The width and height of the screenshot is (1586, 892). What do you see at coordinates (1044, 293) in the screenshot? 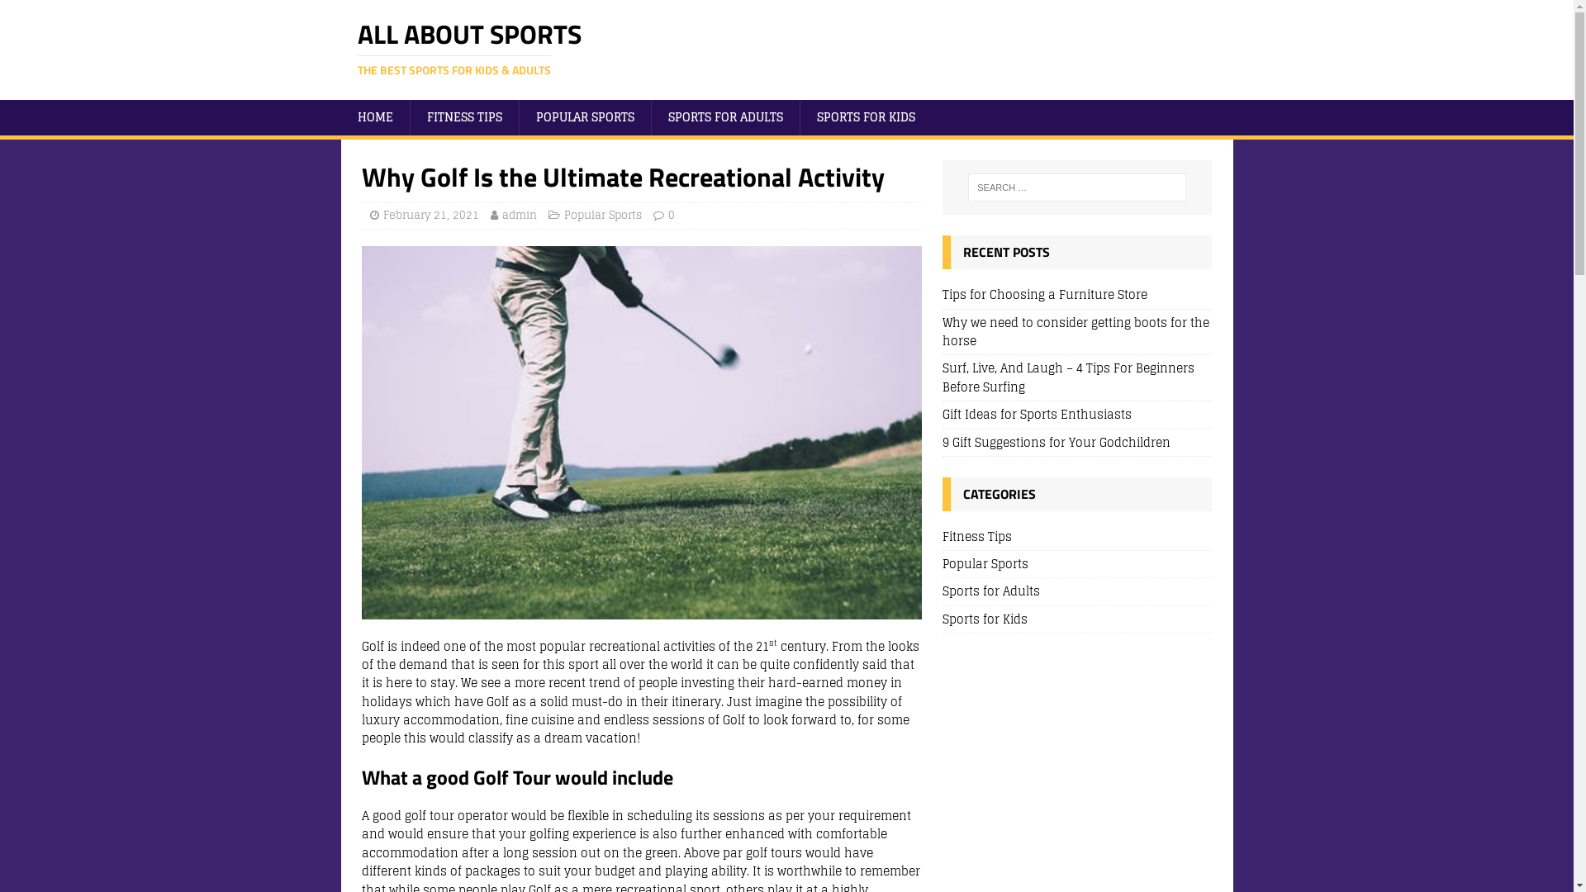
I see `'Tips for Choosing a Furniture Store'` at bounding box center [1044, 293].